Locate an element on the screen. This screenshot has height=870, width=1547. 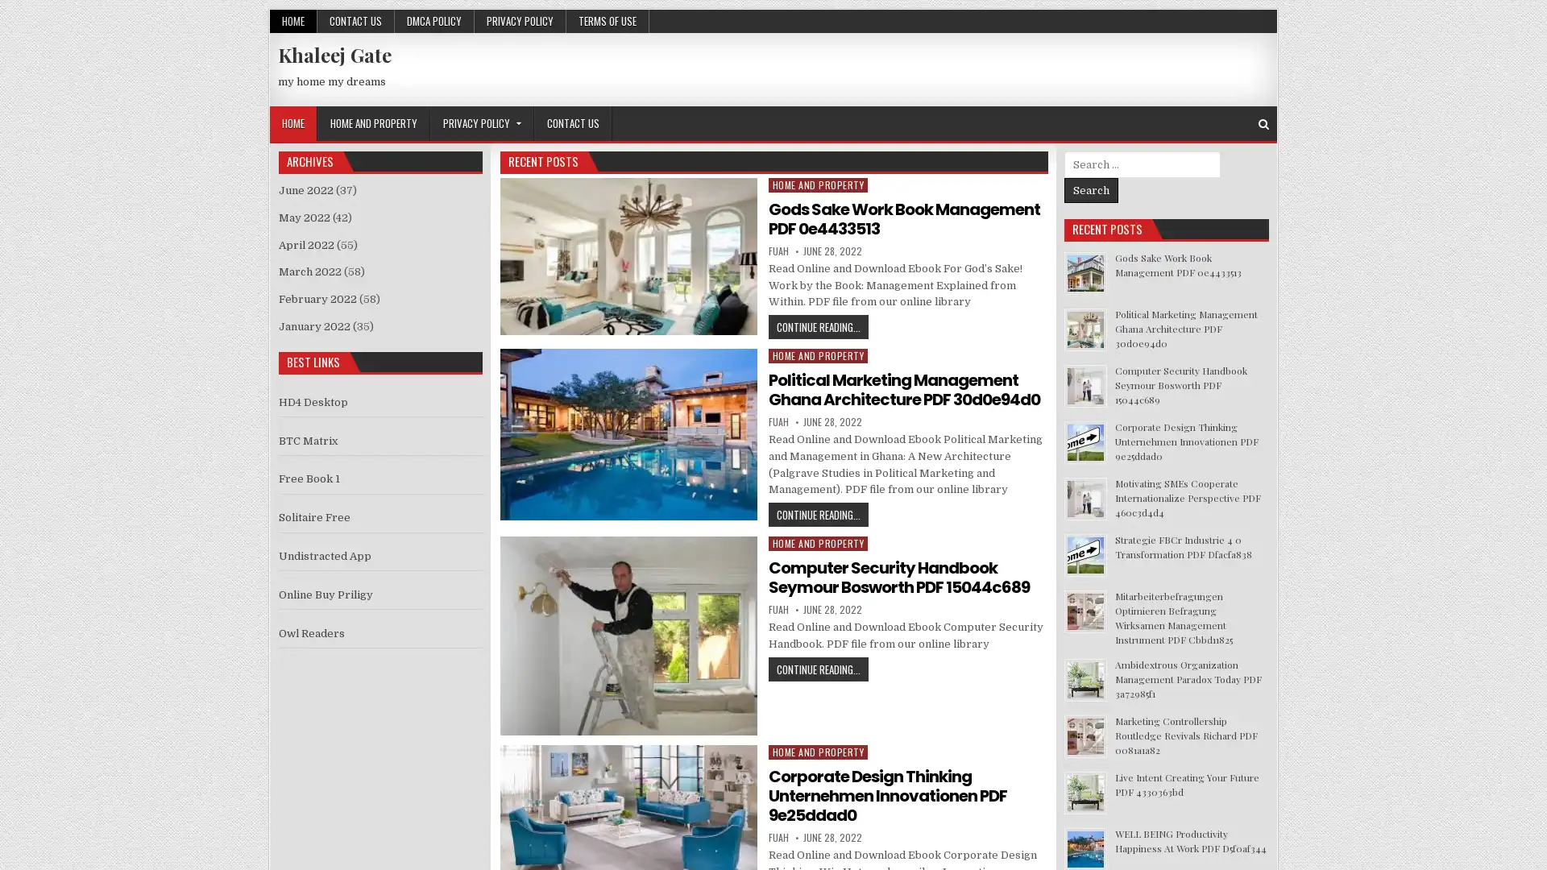
Search is located at coordinates (1091, 189).